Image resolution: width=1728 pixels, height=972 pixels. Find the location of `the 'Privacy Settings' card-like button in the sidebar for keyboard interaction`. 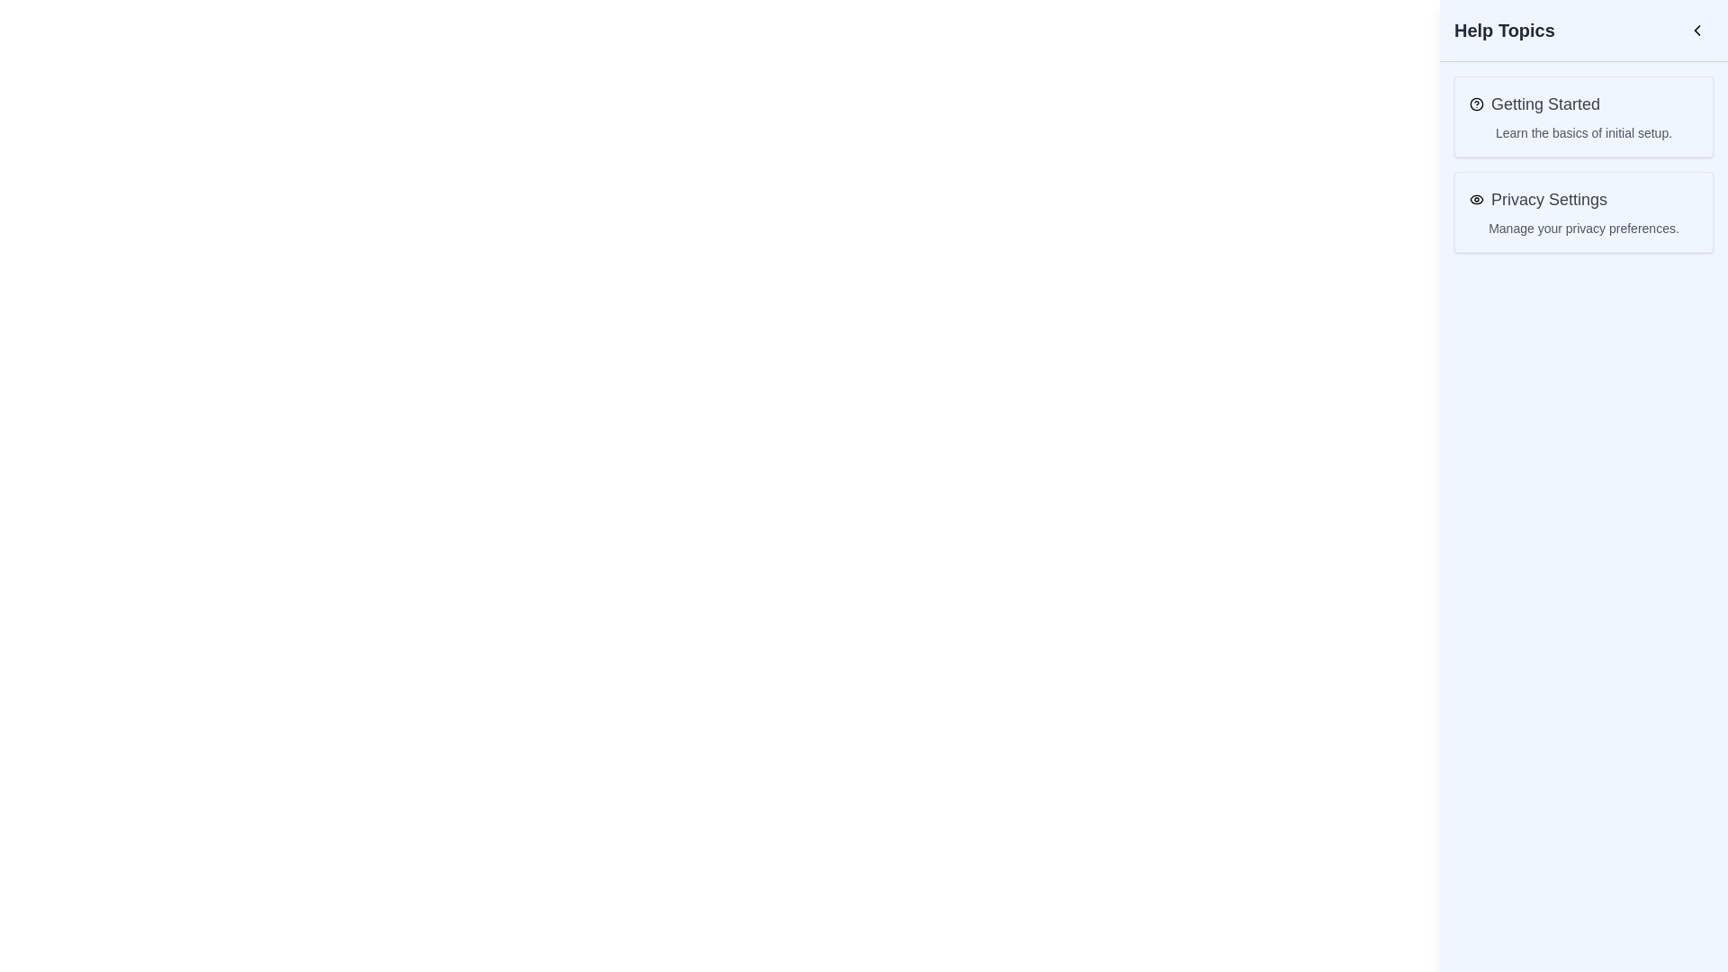

the 'Privacy Settings' card-like button in the sidebar for keyboard interaction is located at coordinates (1584, 211).